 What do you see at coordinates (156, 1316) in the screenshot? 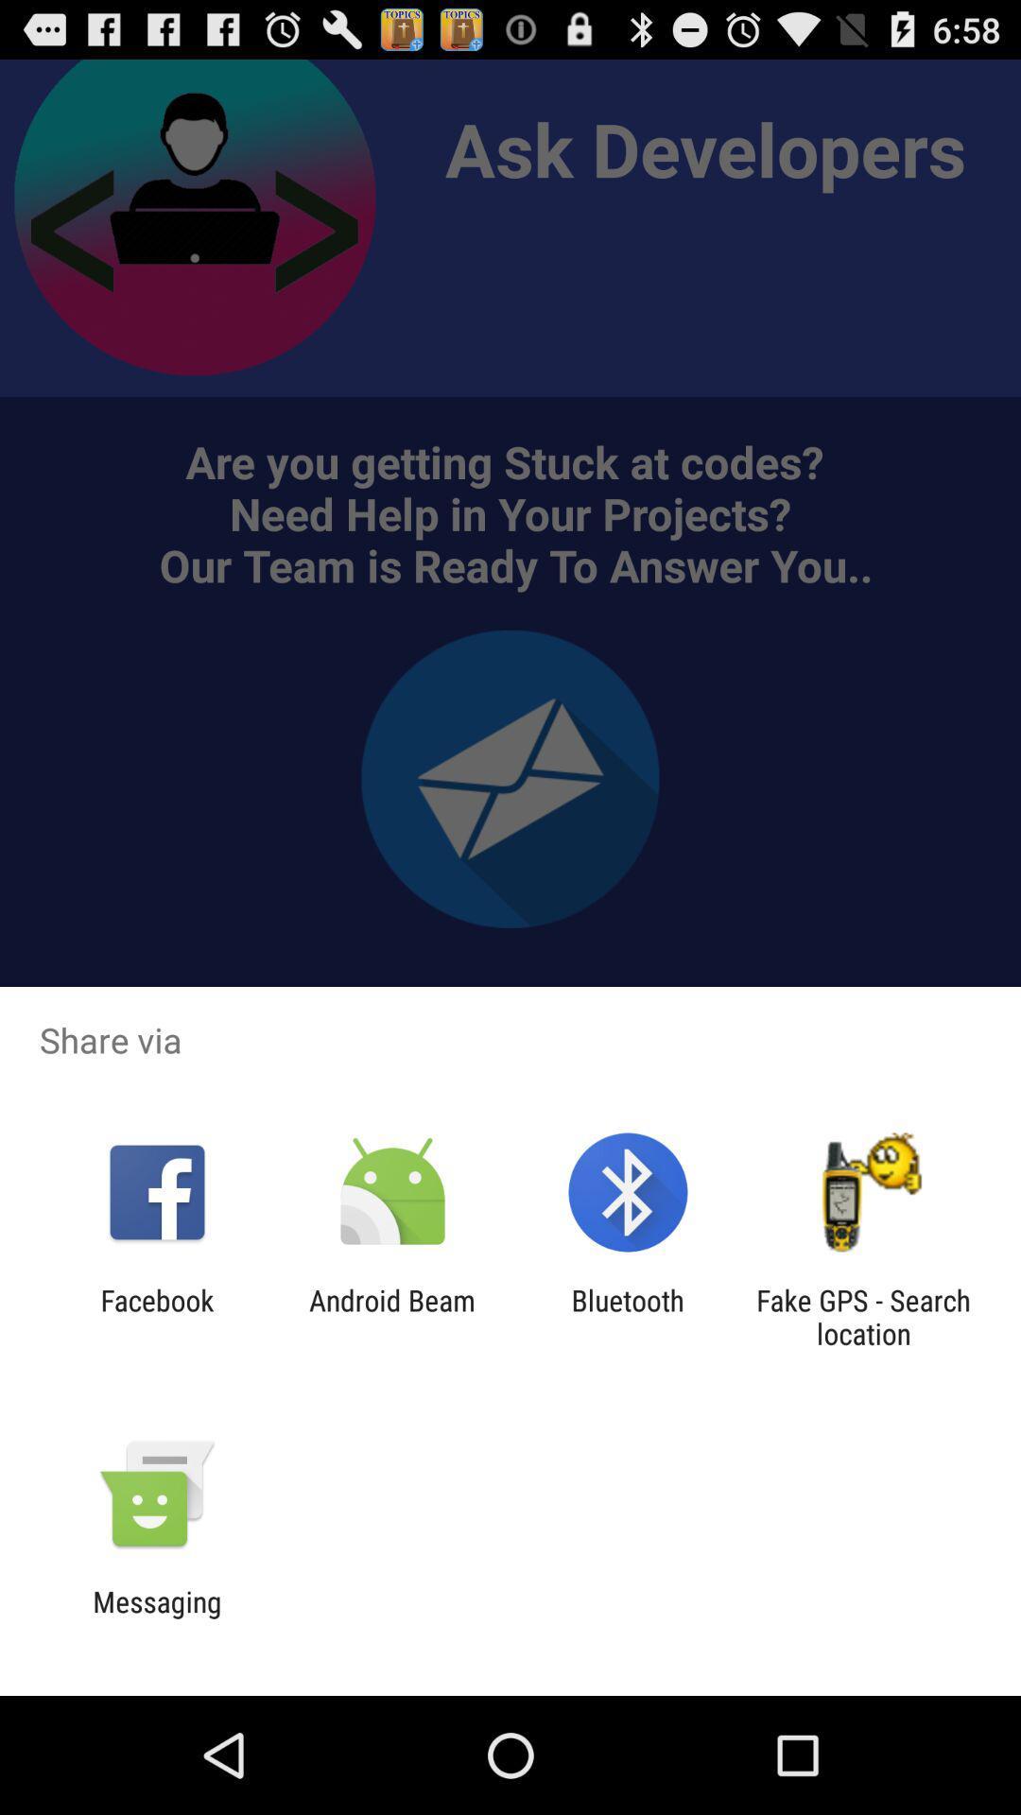
I see `the facebook icon` at bounding box center [156, 1316].